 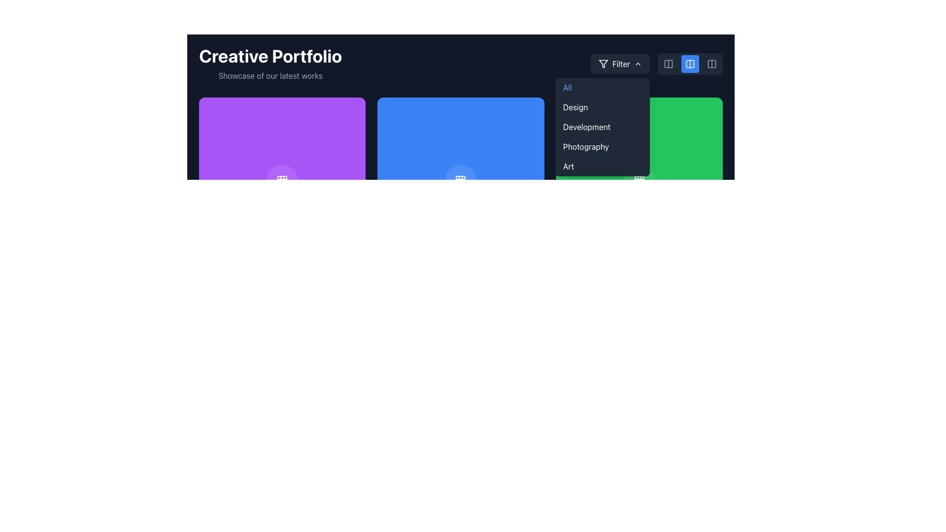 I want to click on the left part of the two-segment grid-style icon element in the top navigation area, which is positioned near the right side, adjacent to a dropdown filter, so click(x=669, y=64).